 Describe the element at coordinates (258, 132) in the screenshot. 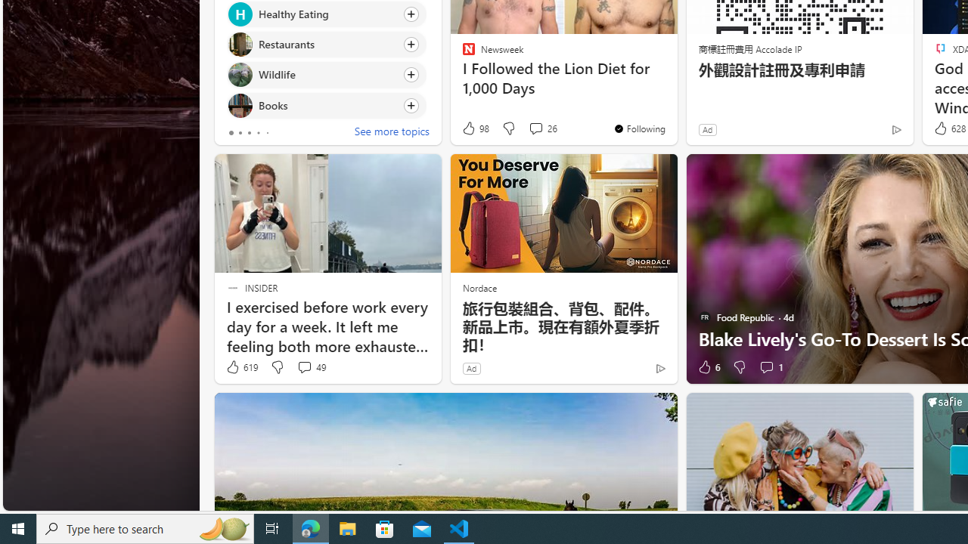

I see `'tab-3'` at that location.